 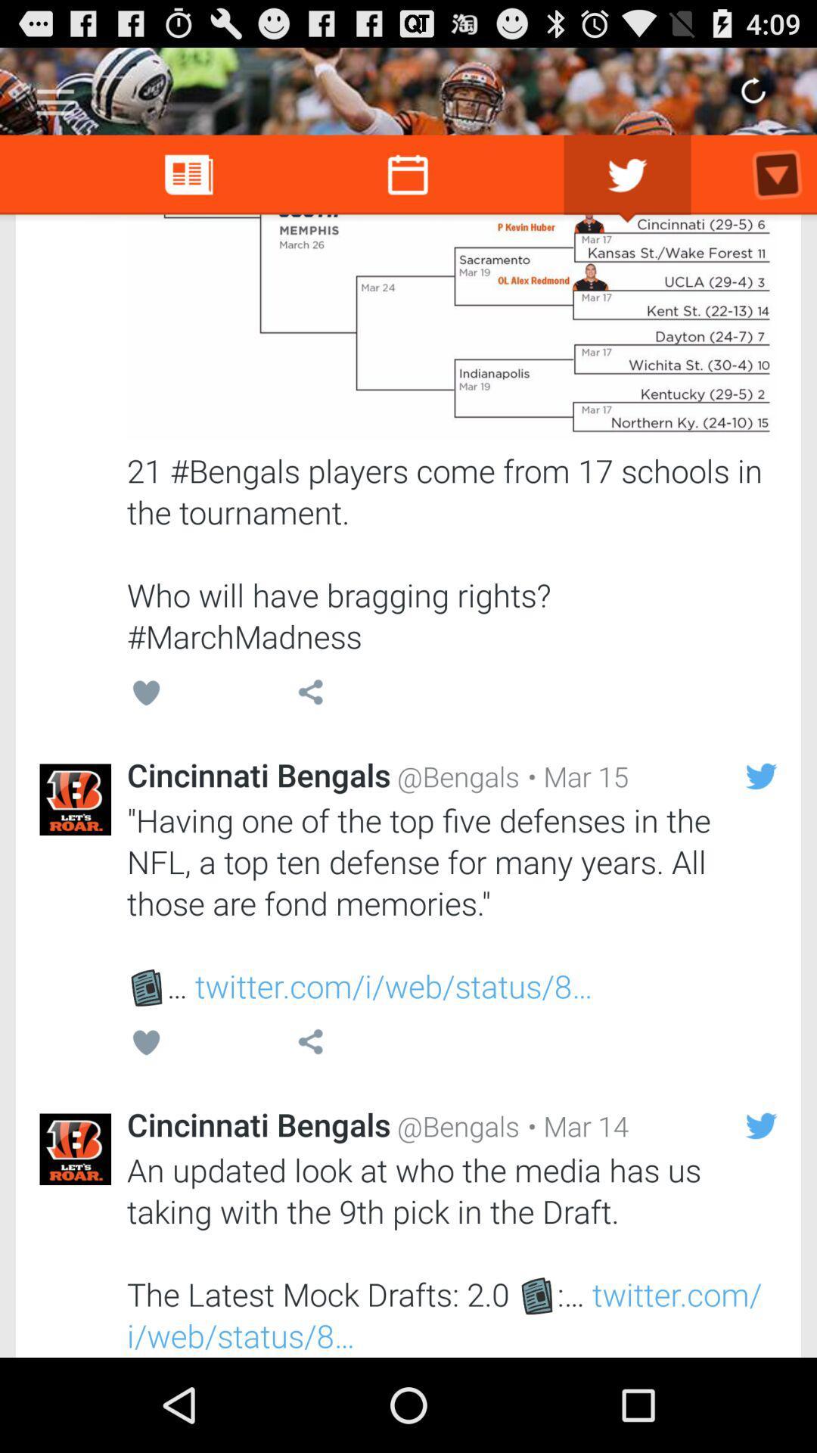 I want to click on the an updated look icon, so click(x=451, y=1252).